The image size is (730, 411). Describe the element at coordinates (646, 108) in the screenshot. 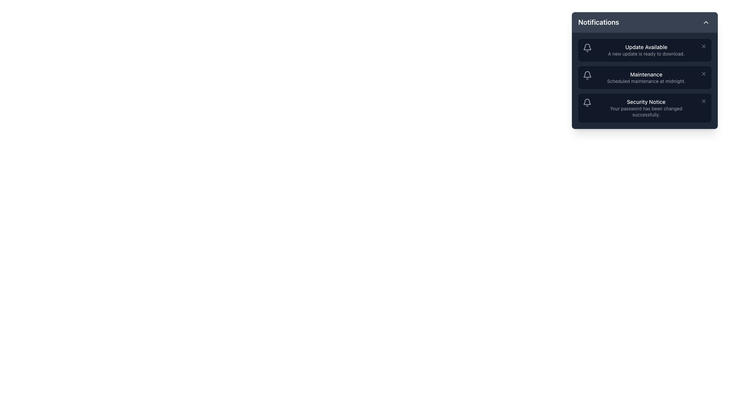

I see `information displayed in the Notification Item that informs the user about the successful password change, located in the notification panel as the third entry` at that location.